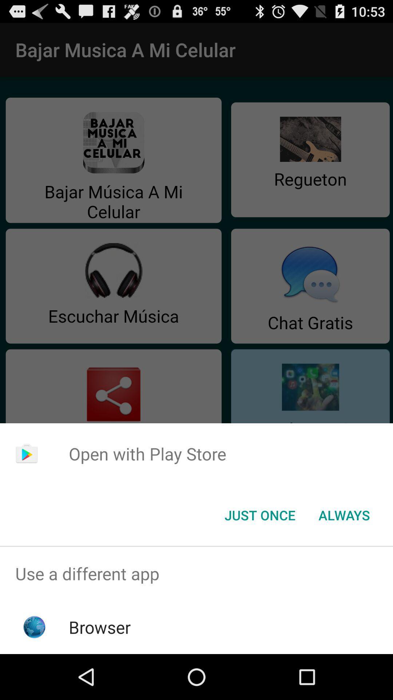  What do you see at coordinates (259, 514) in the screenshot?
I see `just once item` at bounding box center [259, 514].